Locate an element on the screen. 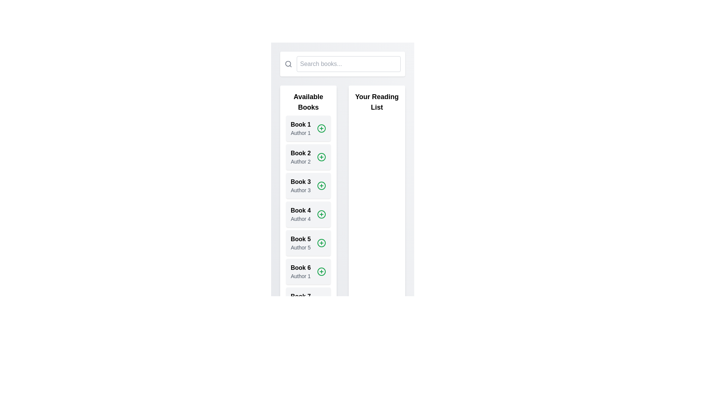 The image size is (723, 407). the '+' icon on the sixth card-like item in the 'Available Books' list is located at coordinates (308, 272).